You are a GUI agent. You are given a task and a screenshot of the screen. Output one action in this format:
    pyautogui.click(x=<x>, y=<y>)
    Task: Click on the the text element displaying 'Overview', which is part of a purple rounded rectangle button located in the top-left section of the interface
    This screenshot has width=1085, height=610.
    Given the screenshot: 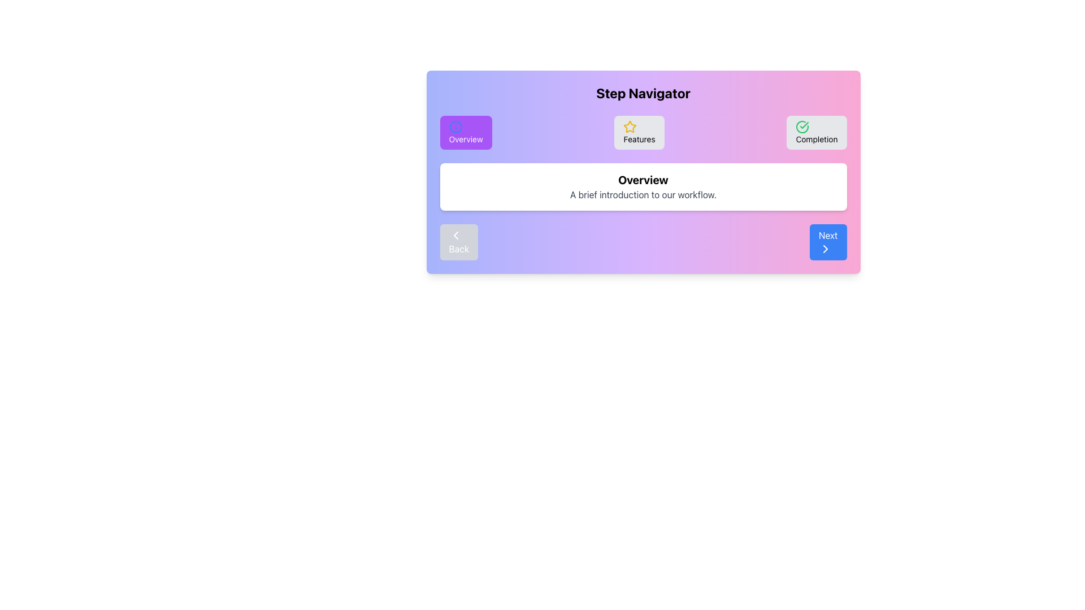 What is the action you would take?
    pyautogui.click(x=466, y=138)
    